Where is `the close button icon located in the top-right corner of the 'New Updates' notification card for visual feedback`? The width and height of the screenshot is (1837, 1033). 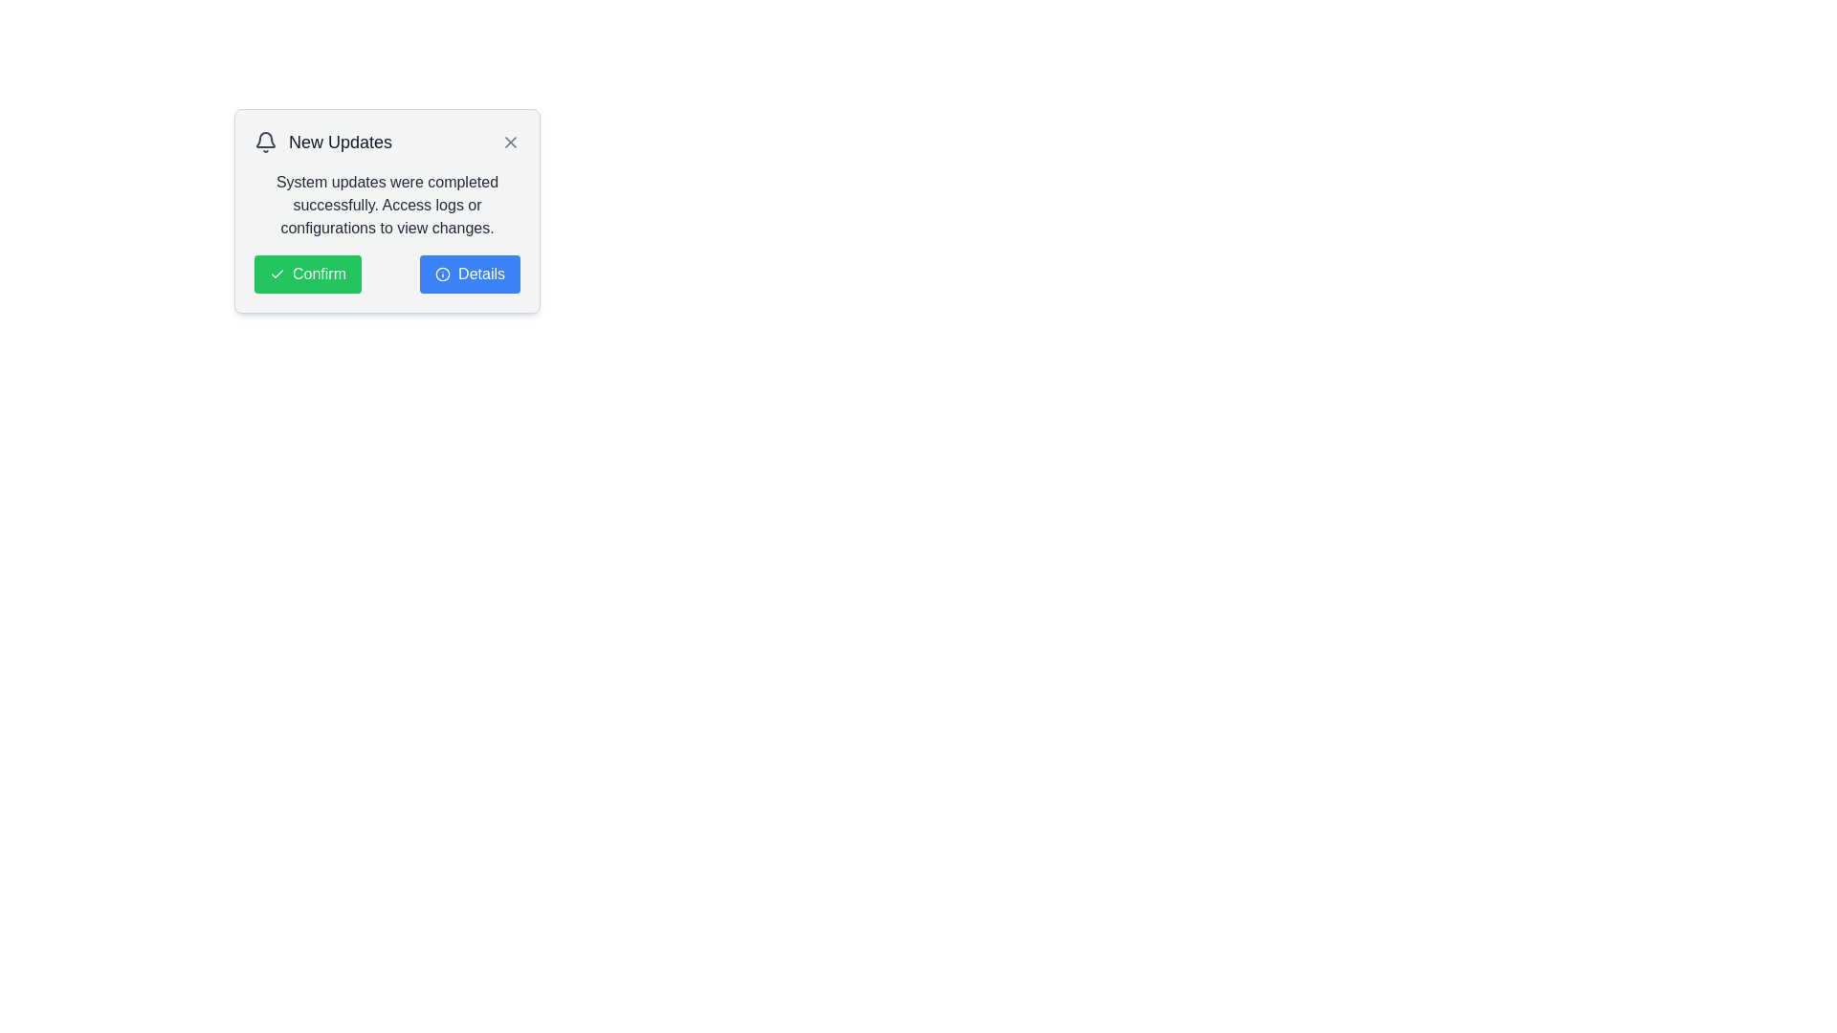 the close button icon located in the top-right corner of the 'New Updates' notification card for visual feedback is located at coordinates (510, 142).